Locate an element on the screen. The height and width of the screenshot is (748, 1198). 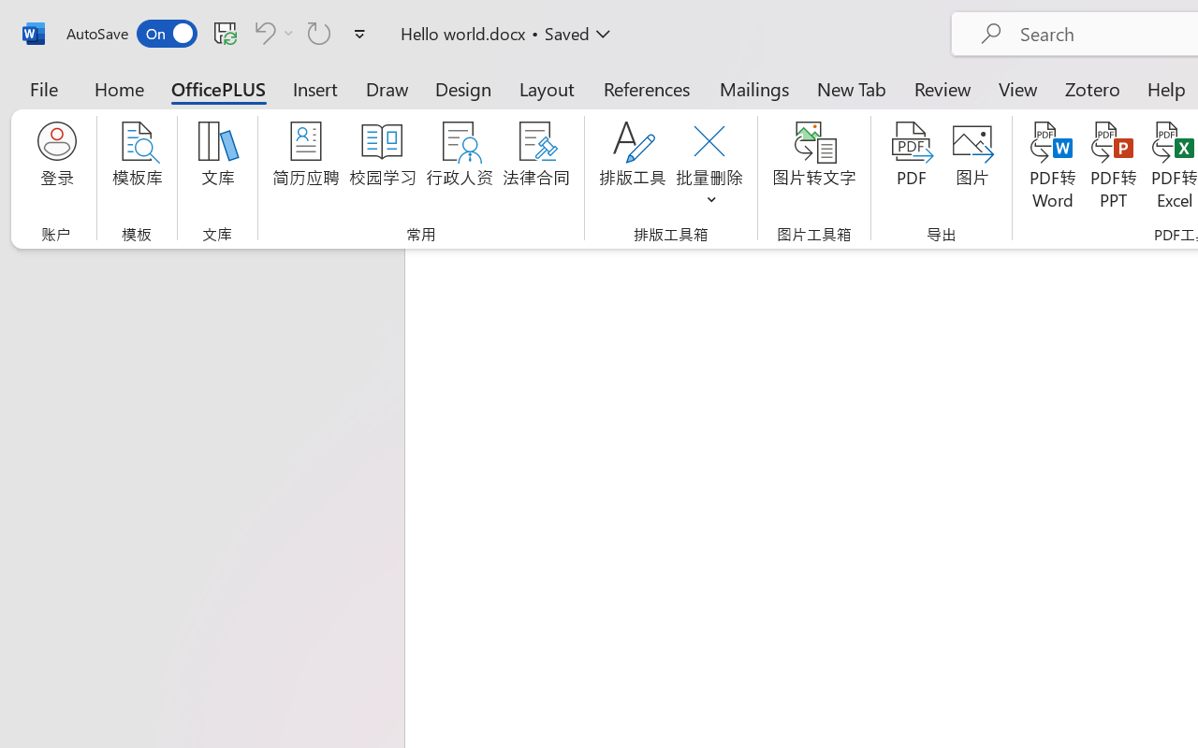
'File Tab' is located at coordinates (43, 88).